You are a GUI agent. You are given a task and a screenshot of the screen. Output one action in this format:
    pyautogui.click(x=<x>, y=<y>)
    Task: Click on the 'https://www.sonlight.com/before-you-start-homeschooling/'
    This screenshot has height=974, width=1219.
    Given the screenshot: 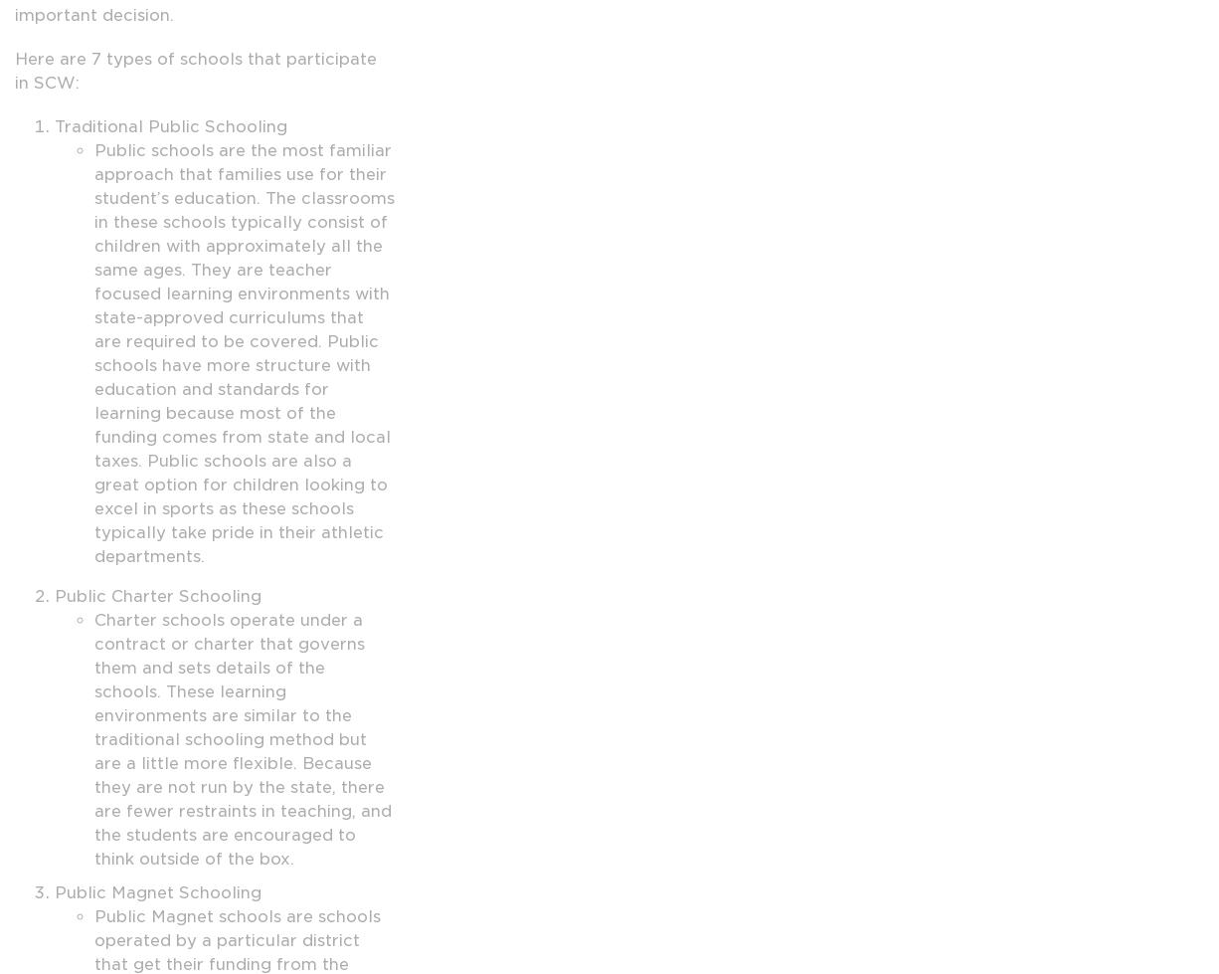 What is the action you would take?
    pyautogui.click(x=191, y=128)
    